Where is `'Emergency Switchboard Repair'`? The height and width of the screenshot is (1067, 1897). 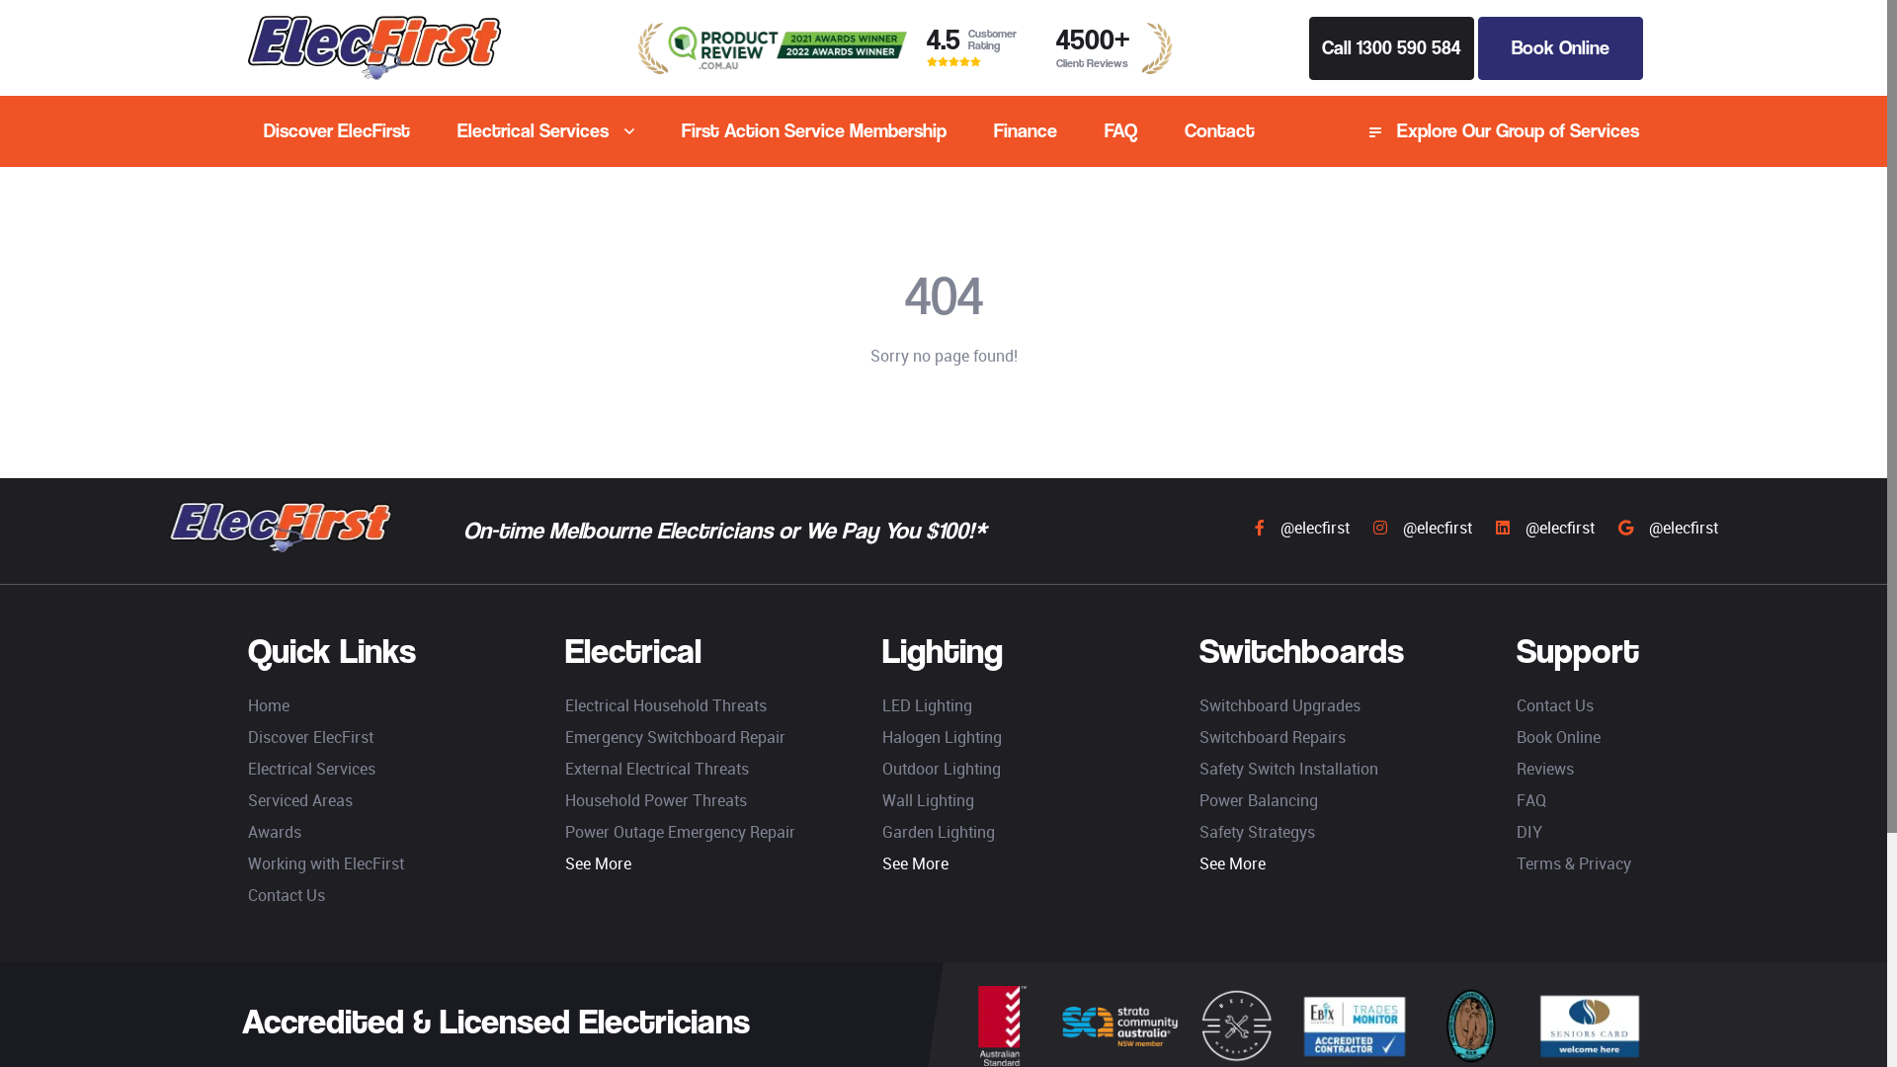 'Emergency Switchboard Repair' is located at coordinates (675, 736).